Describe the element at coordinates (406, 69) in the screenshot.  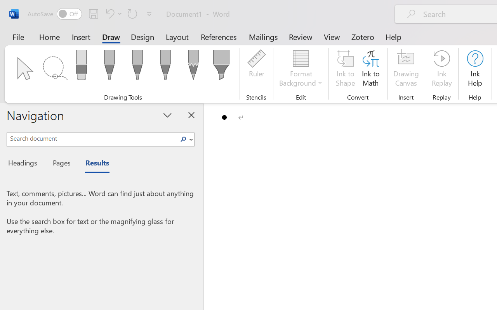
I see `'Drawing Canvas'` at that location.